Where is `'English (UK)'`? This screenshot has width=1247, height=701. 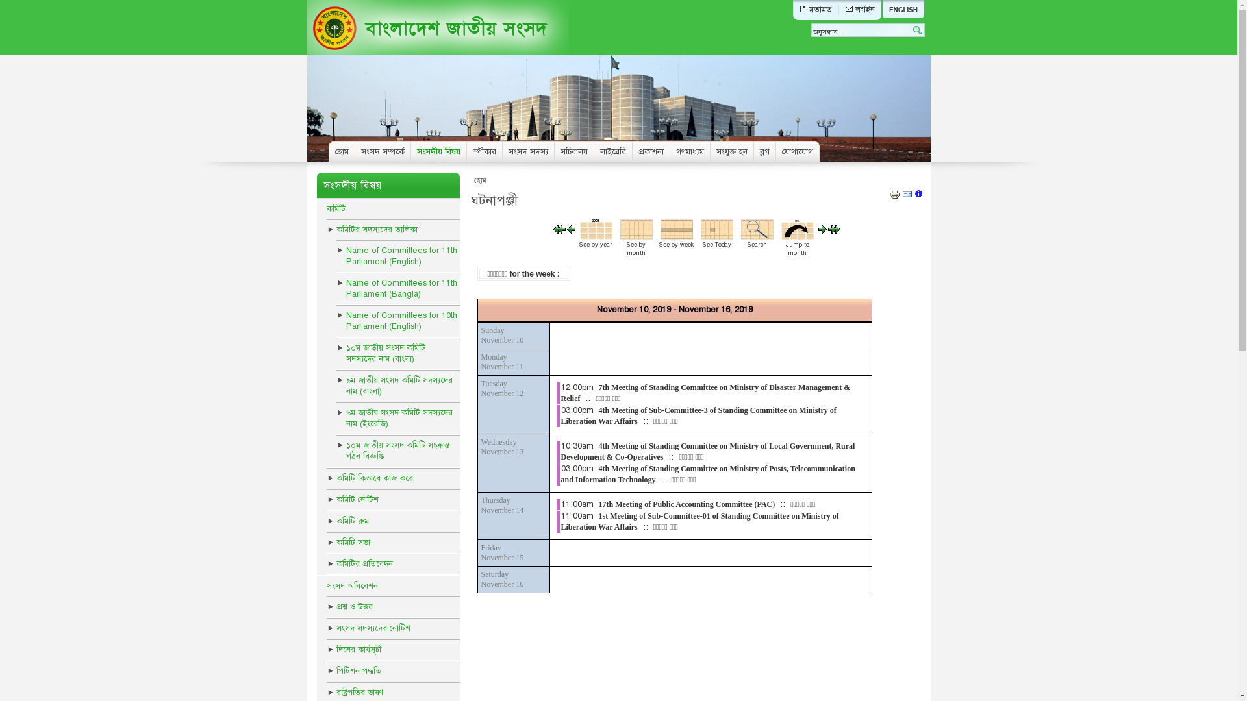 'English (UK)' is located at coordinates (903, 10).